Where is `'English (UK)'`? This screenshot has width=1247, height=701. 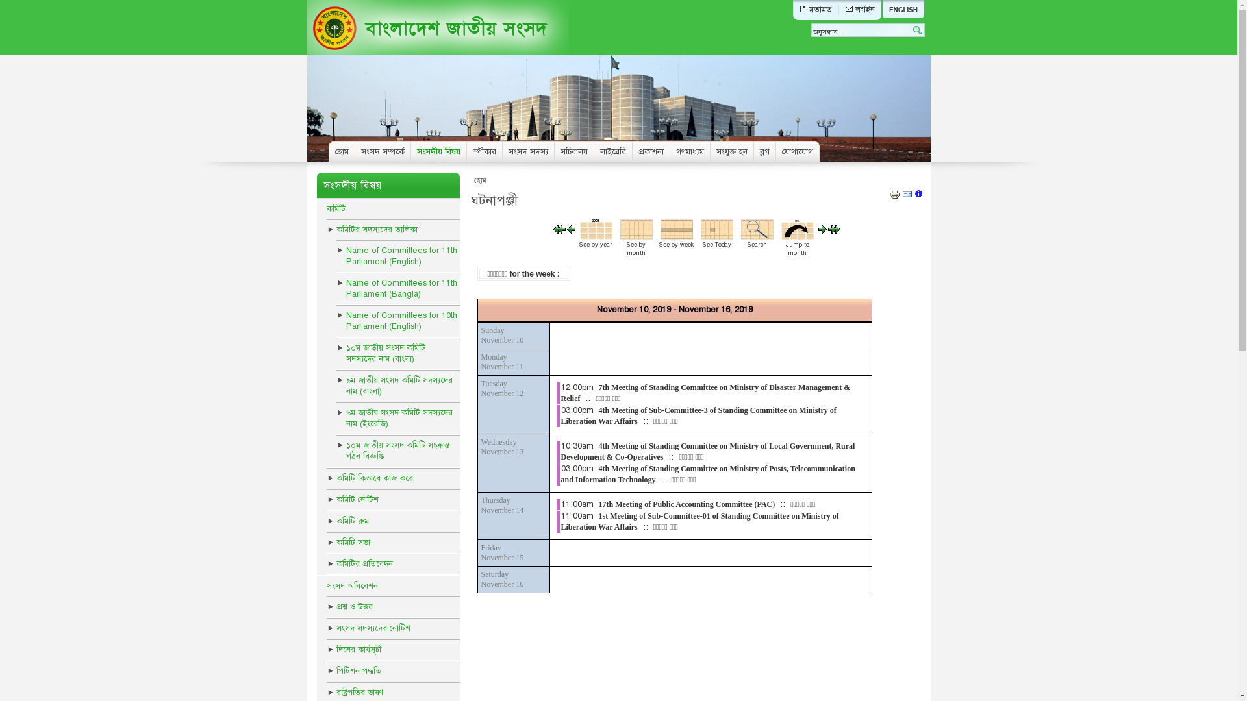 'English (UK)' is located at coordinates (903, 10).